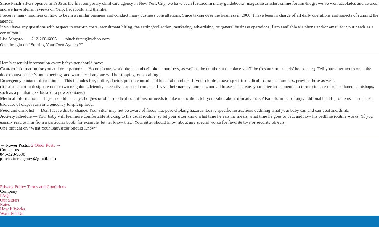 This screenshot has height=227, width=379. What do you see at coordinates (41, 44) in the screenshot?
I see `'One thought on “Starting Your Own Agency?”'` at bounding box center [41, 44].